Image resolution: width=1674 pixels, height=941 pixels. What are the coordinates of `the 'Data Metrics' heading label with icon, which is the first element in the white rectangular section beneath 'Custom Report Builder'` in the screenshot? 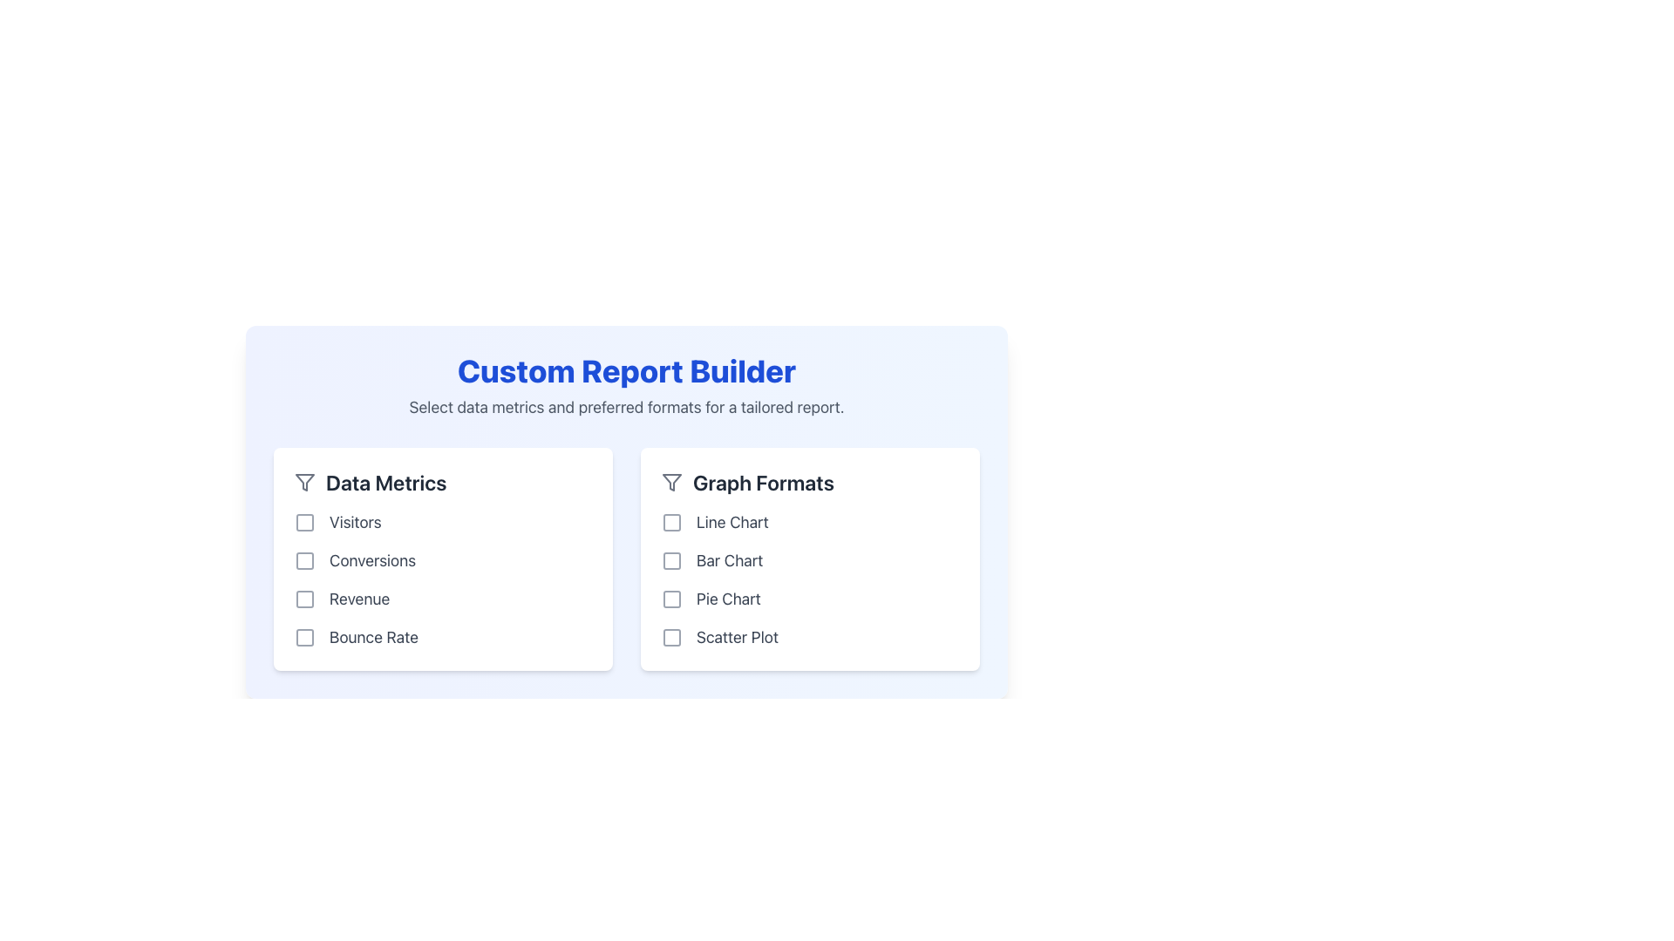 It's located at (443, 483).